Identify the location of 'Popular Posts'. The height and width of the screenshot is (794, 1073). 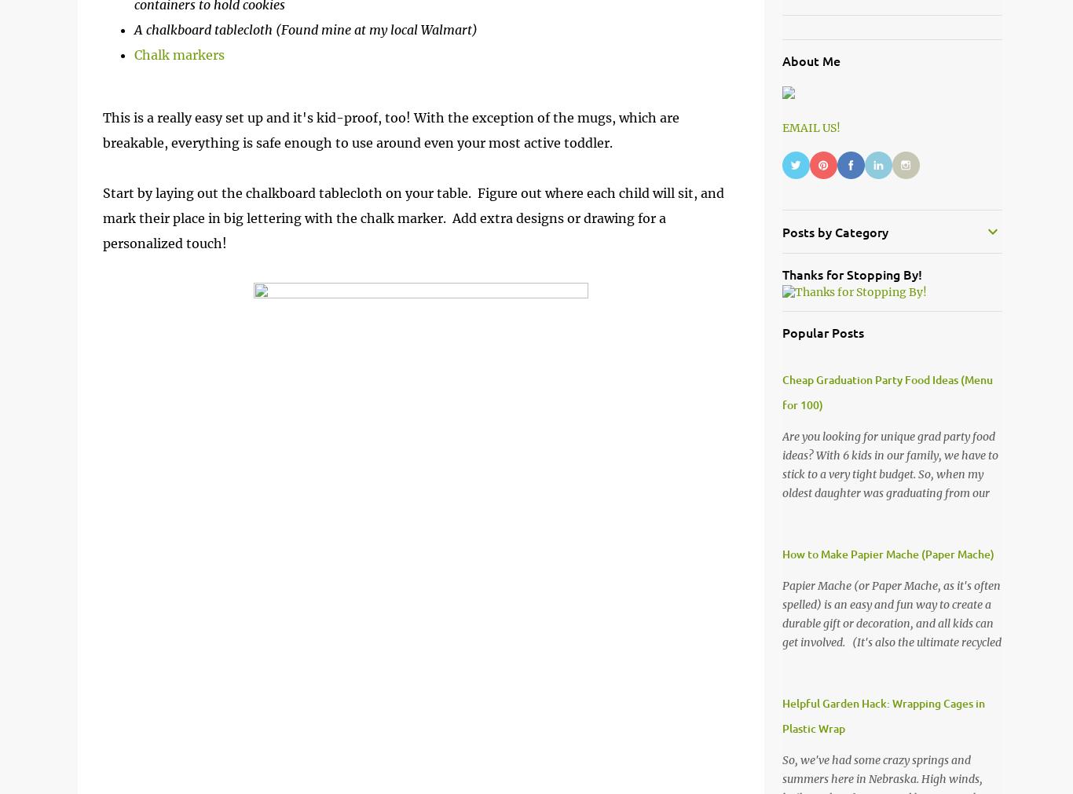
(822, 331).